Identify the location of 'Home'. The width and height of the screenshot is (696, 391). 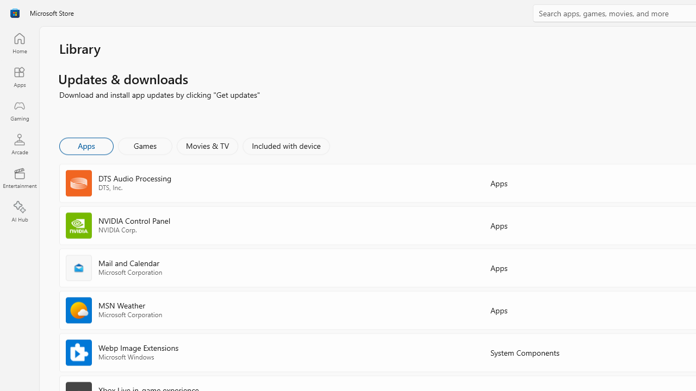
(19, 42).